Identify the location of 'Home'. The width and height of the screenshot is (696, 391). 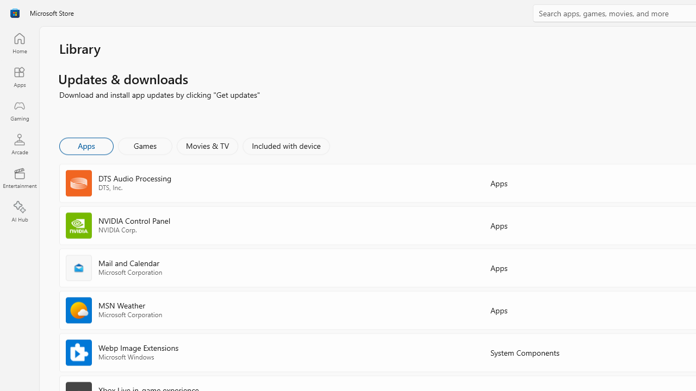
(19, 42).